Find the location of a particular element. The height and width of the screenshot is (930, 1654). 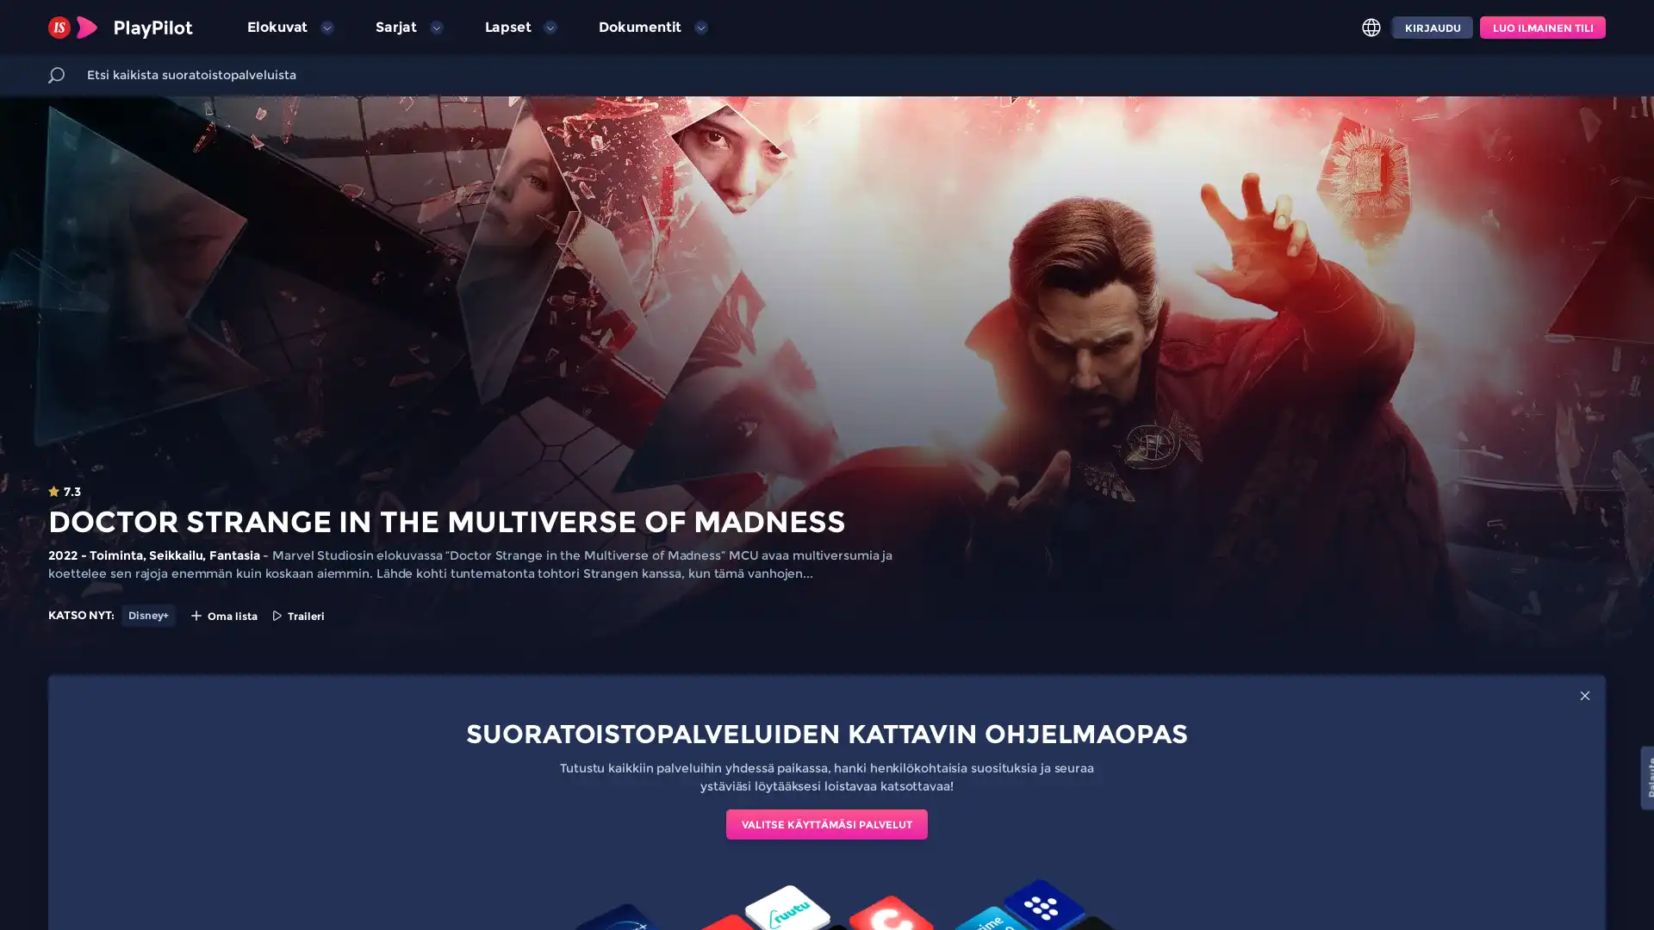

VALITSE KAYTTAMASI PALVELUT is located at coordinates (827, 823).